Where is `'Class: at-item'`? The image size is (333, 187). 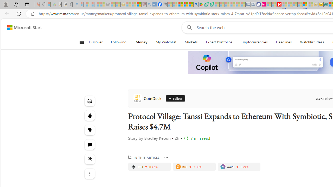 'Class: at-item' is located at coordinates (89, 173).